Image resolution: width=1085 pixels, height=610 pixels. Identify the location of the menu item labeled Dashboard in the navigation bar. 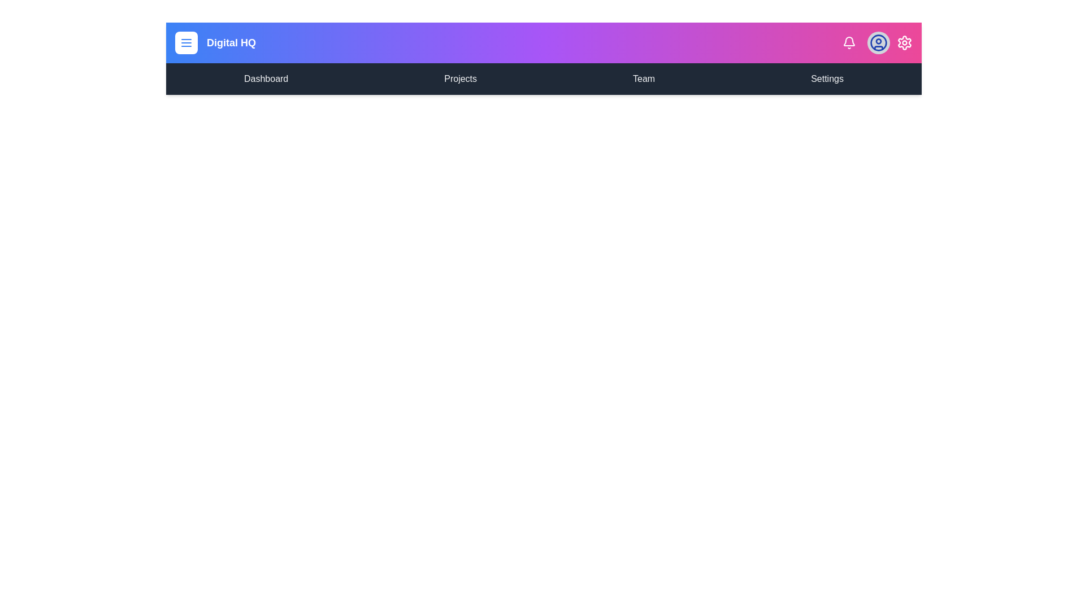
(265, 78).